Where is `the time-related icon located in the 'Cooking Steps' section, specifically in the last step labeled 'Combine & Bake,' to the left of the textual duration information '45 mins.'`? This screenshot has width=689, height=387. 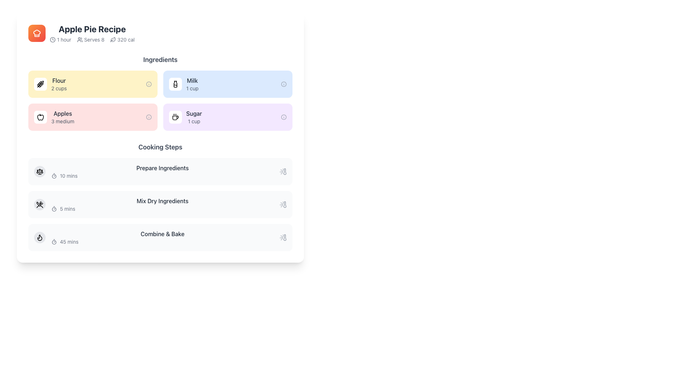 the time-related icon located in the 'Cooking Steps' section, specifically in the last step labeled 'Combine & Bake,' to the left of the textual duration information '45 mins.' is located at coordinates (53, 242).